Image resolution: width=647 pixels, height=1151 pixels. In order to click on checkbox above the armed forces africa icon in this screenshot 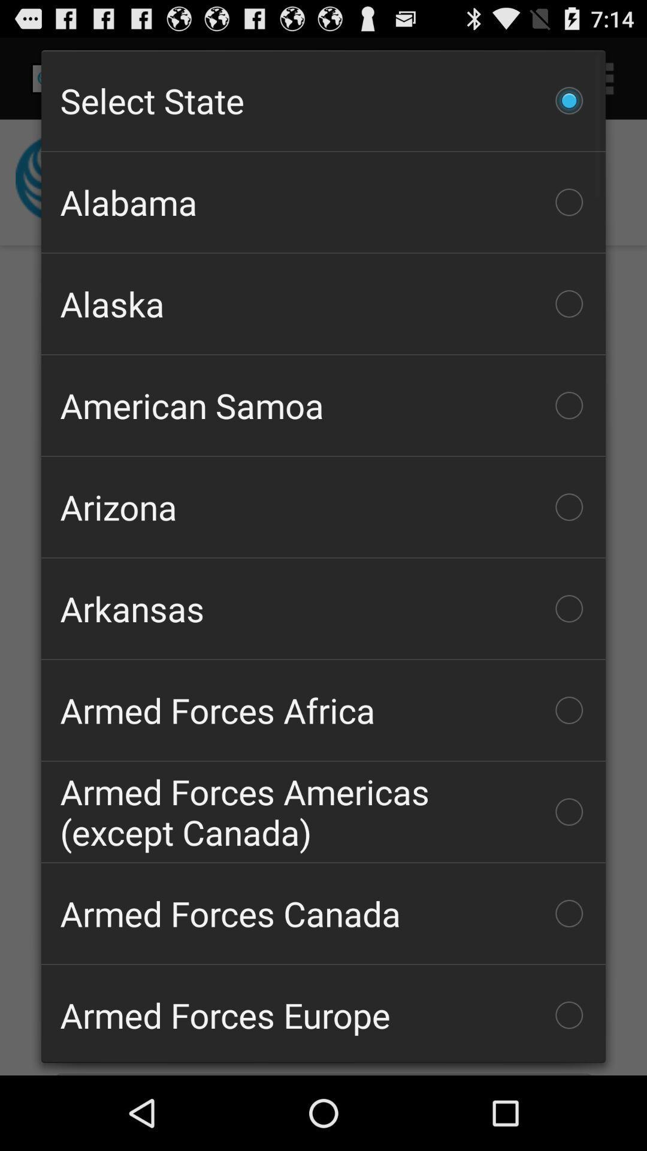, I will do `click(323, 608)`.